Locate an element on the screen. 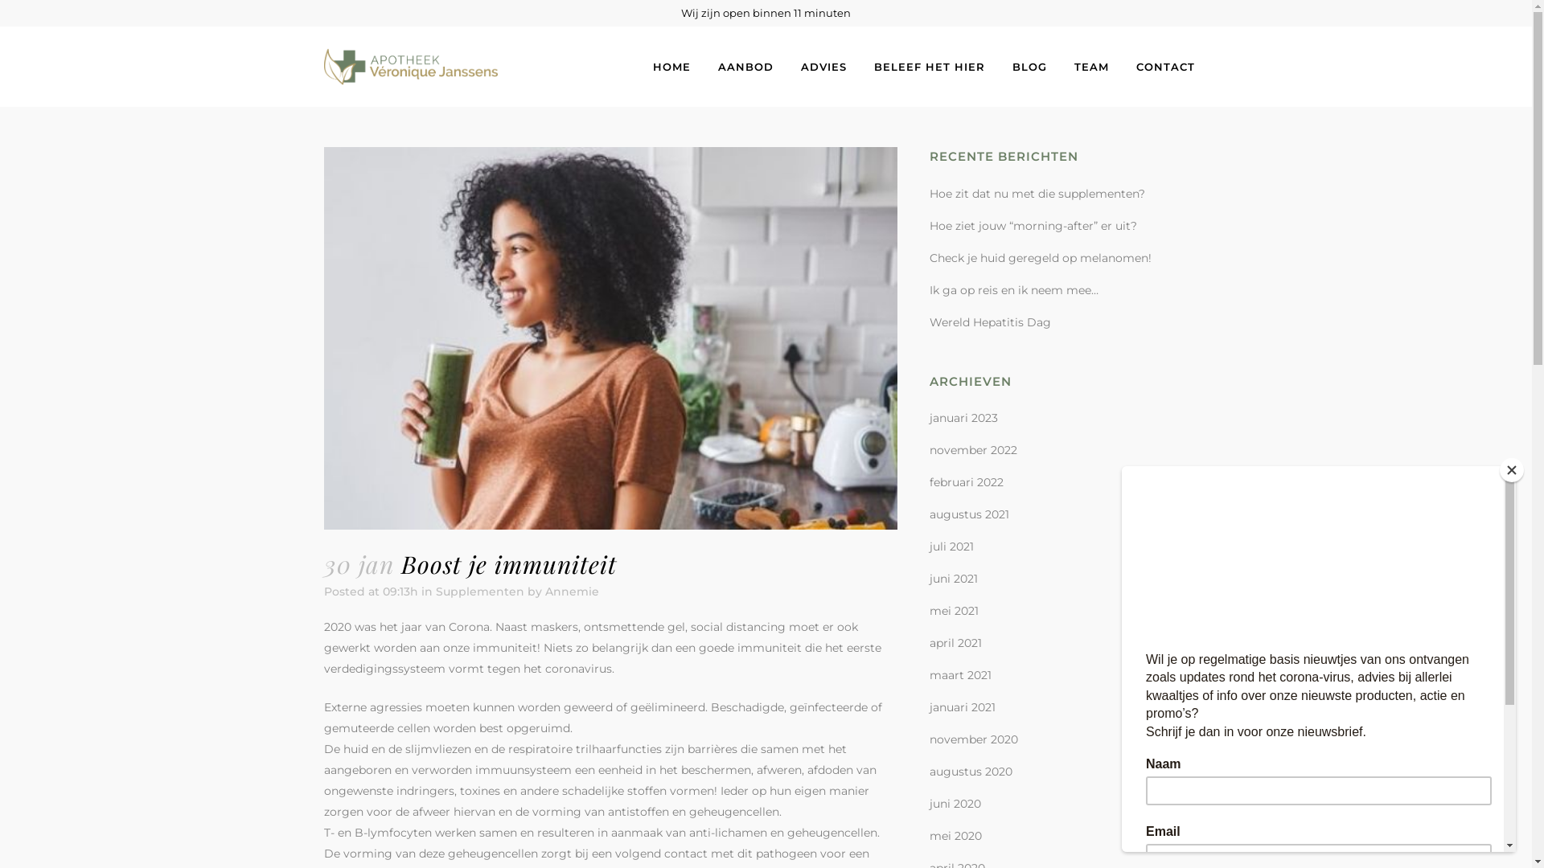 This screenshot has width=1544, height=868. 'Wereld Hepatitis Dag' is located at coordinates (989, 322).